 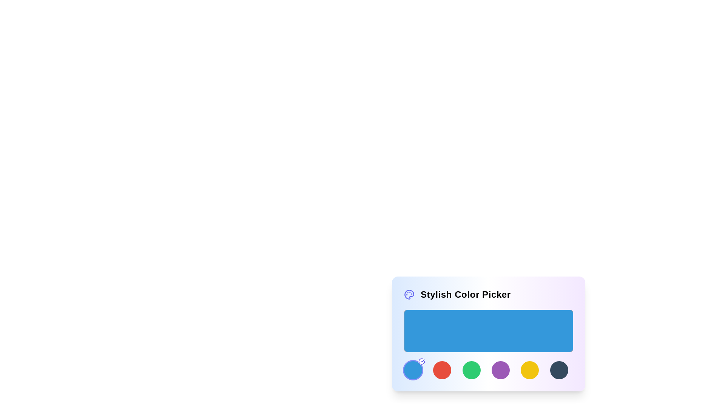 What do you see at coordinates (529, 369) in the screenshot?
I see `the fifth circular color option button from the left in the color selection interface` at bounding box center [529, 369].